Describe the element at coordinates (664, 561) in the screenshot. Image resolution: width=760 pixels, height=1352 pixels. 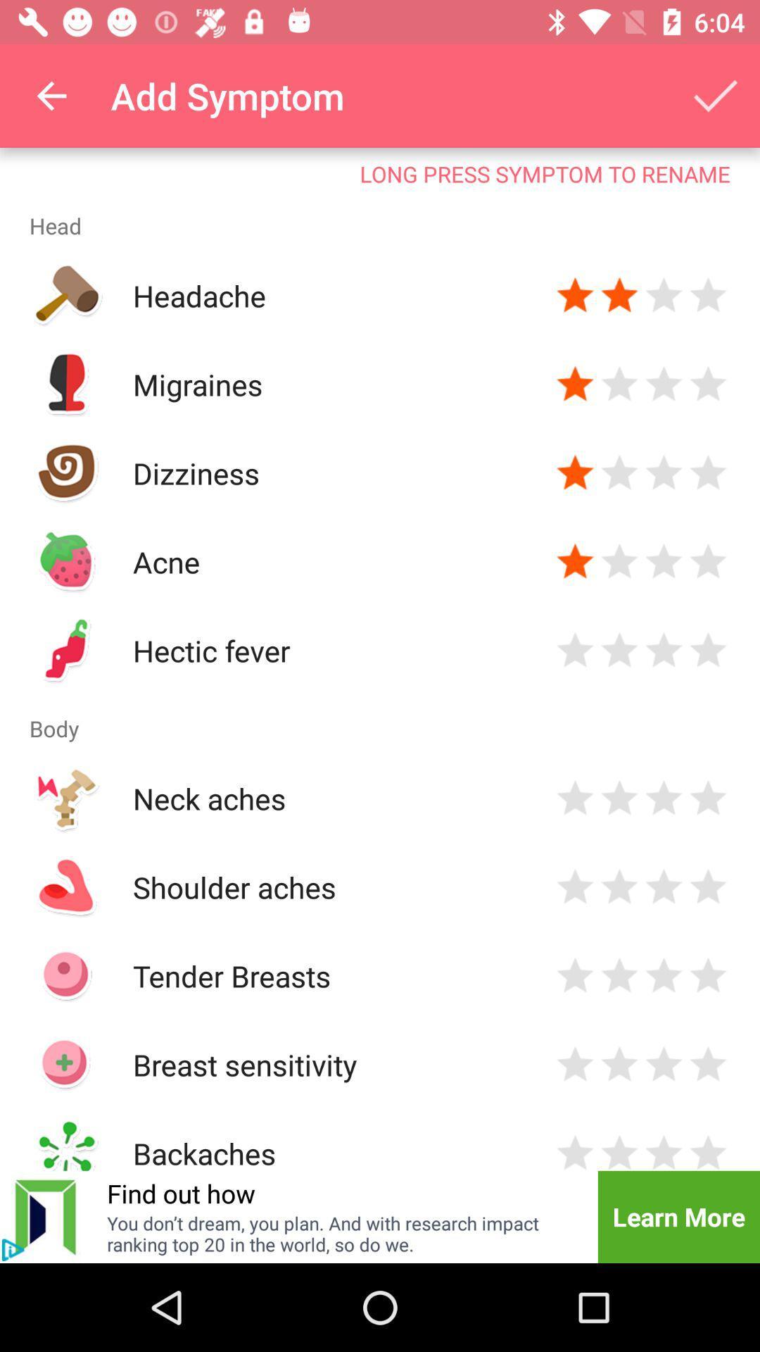
I see `rate the level of symptom` at that location.